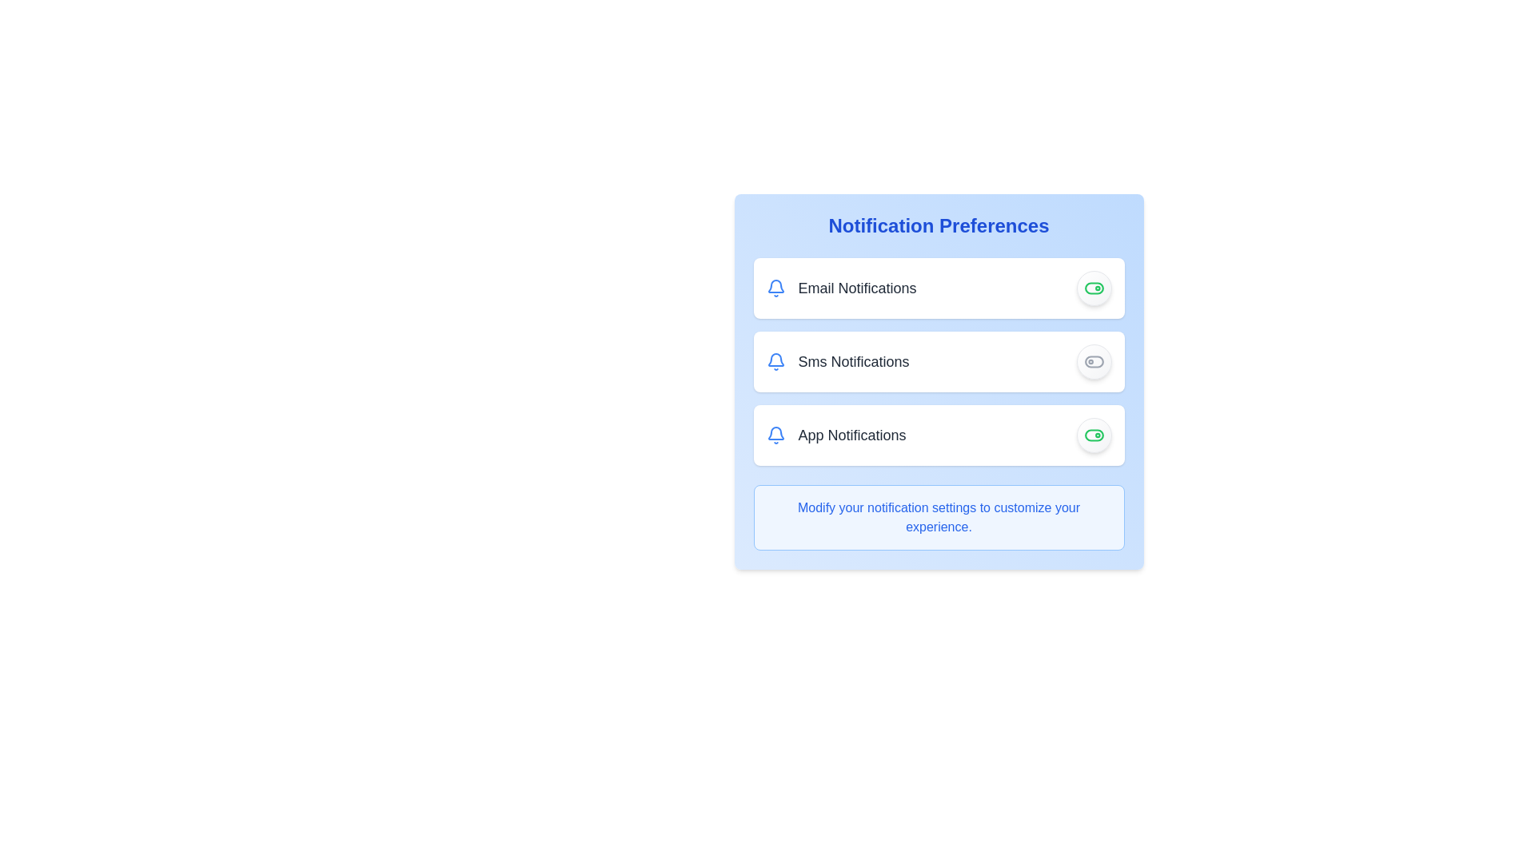  What do you see at coordinates (836, 361) in the screenshot?
I see `SMS notifications label element located in the second row of the 'Notification Preferences' section, positioned below 'Email Notifications' and above 'App Notifications'` at bounding box center [836, 361].